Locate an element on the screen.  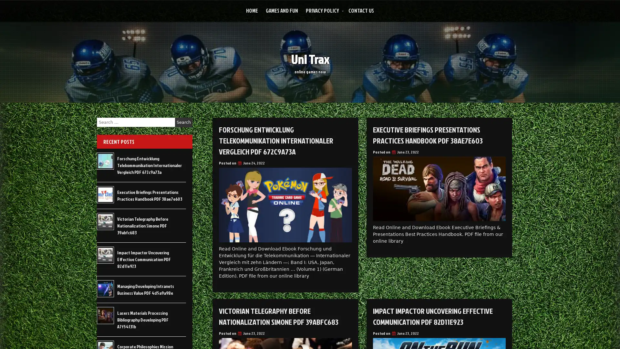
Search is located at coordinates (183, 122).